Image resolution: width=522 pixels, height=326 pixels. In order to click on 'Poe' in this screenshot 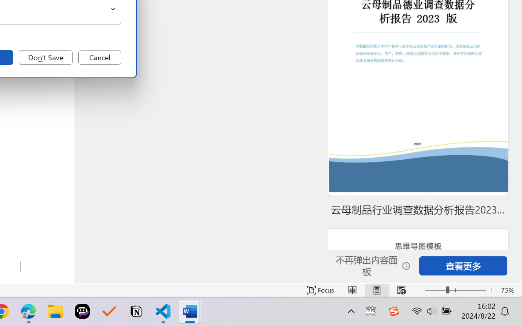, I will do `click(82, 311)`.